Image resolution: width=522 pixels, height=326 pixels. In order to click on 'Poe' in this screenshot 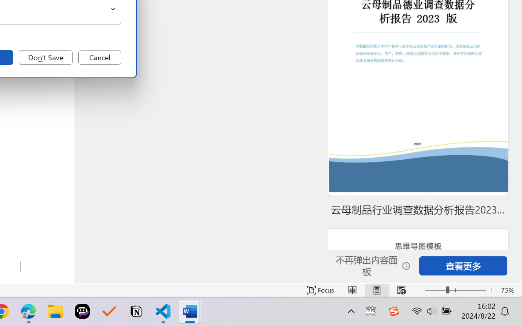, I will do `click(82, 311)`.